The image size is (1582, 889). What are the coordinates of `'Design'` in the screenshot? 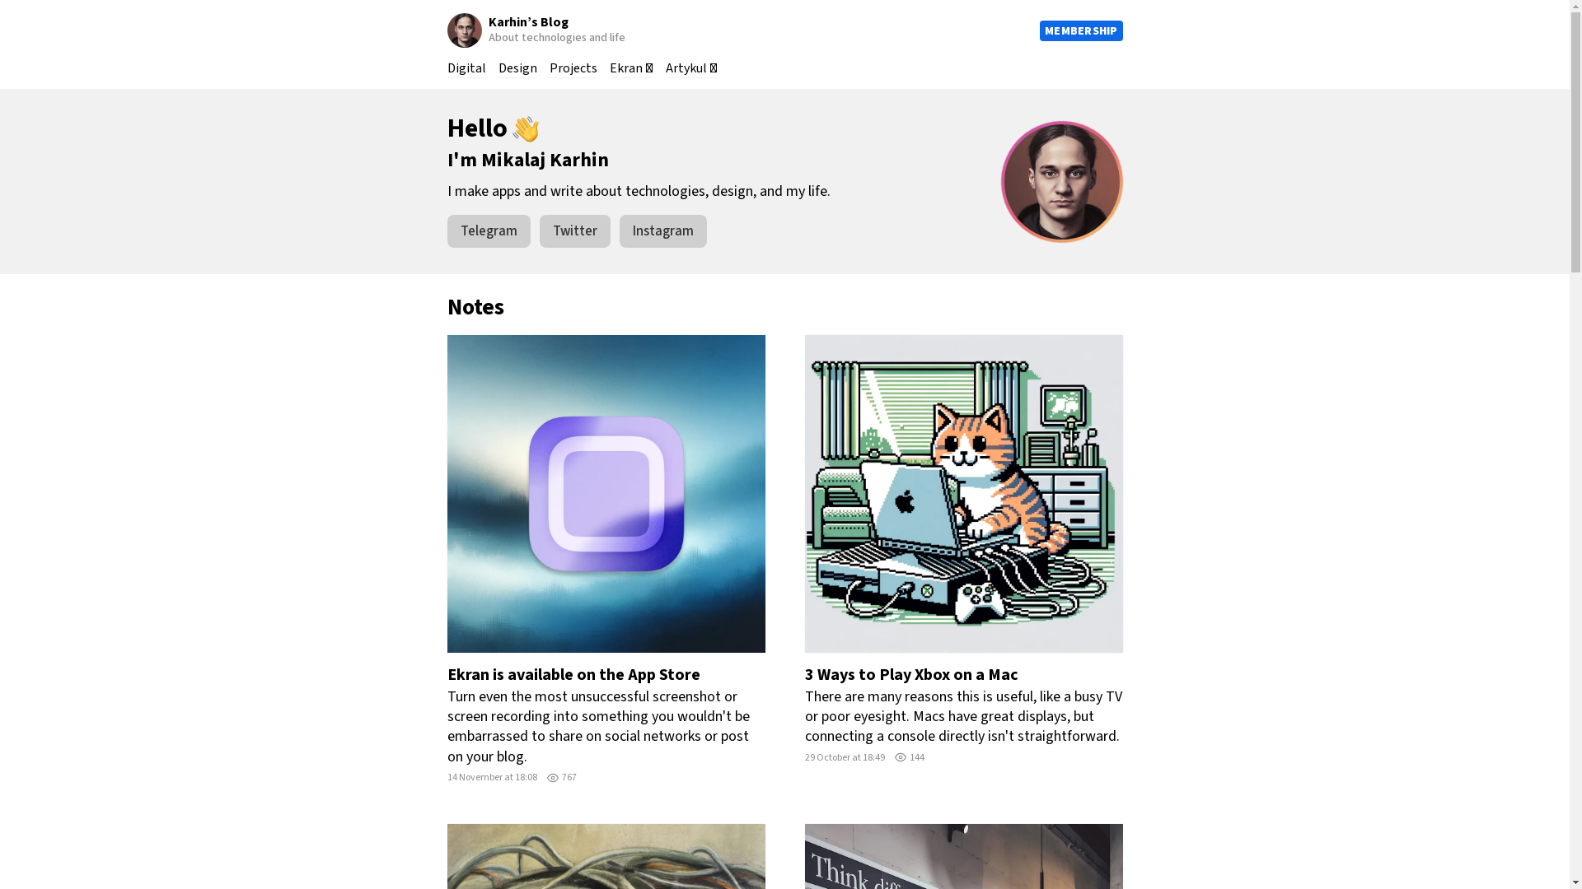 It's located at (516, 67).